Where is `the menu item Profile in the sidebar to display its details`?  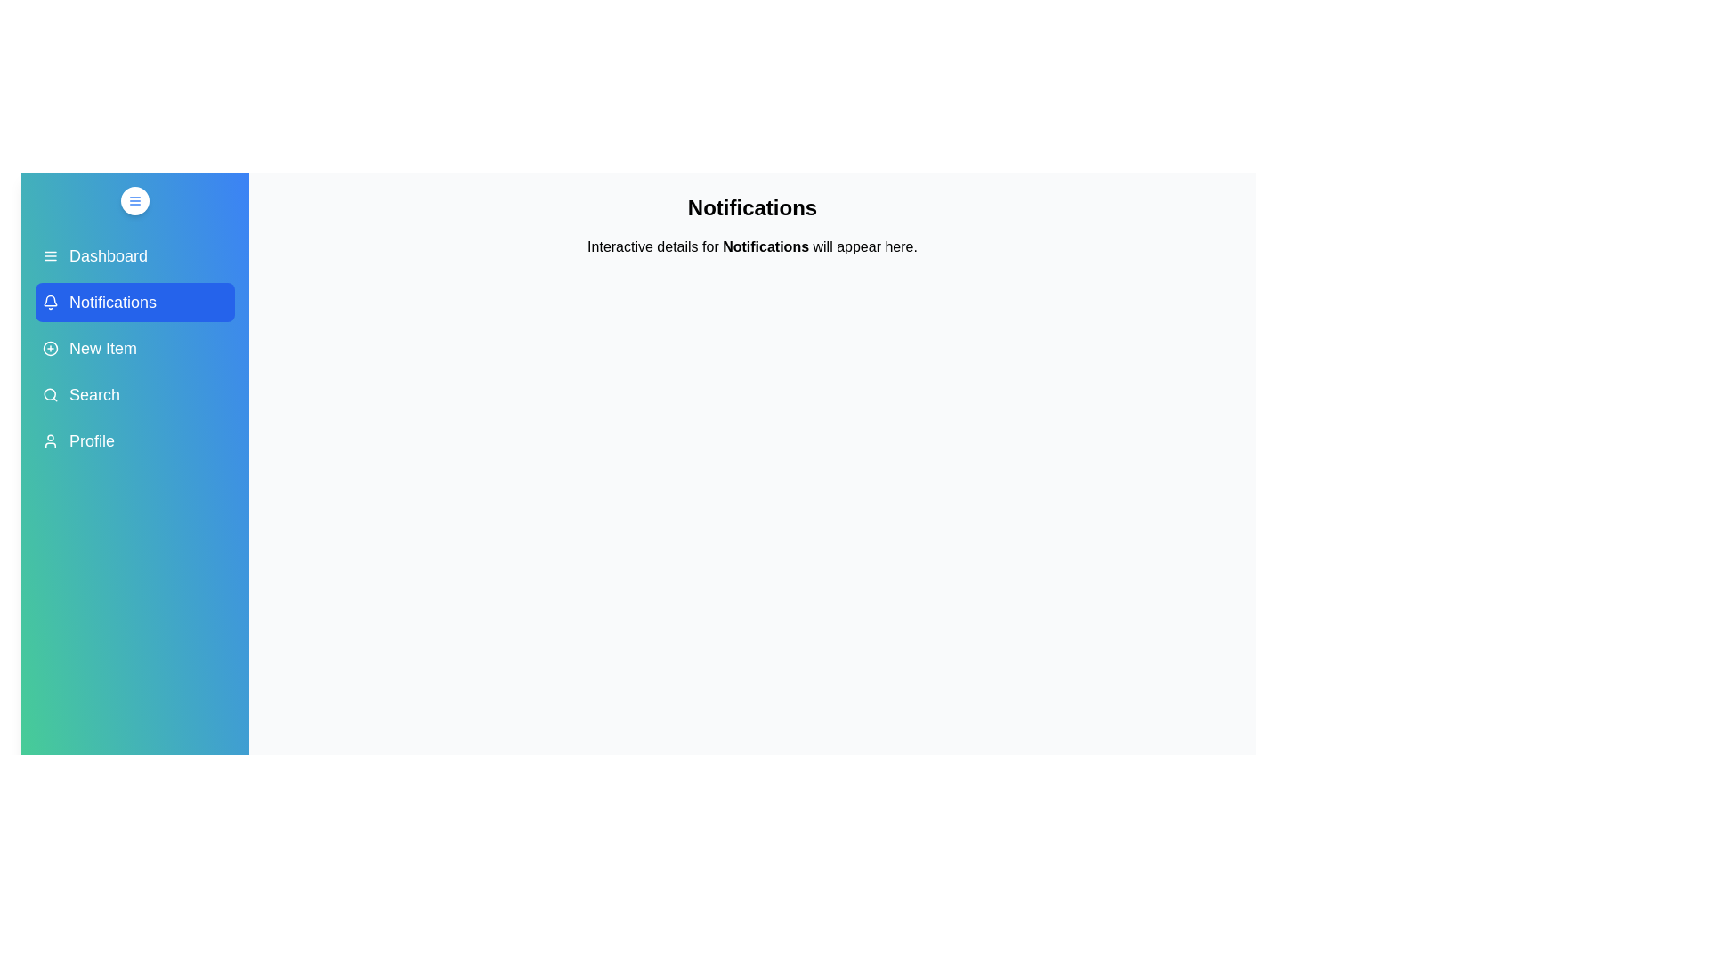 the menu item Profile in the sidebar to display its details is located at coordinates (134, 440).